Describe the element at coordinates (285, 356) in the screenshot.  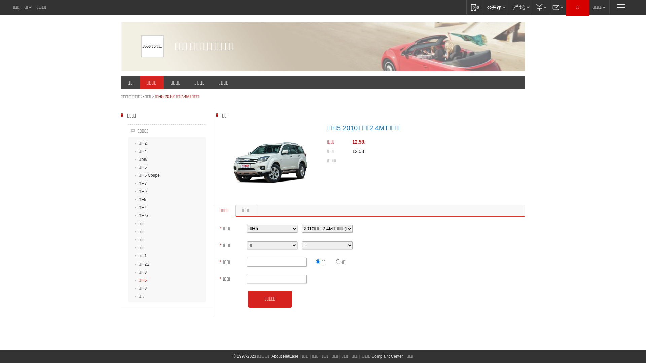
I see `'About NetEase'` at that location.